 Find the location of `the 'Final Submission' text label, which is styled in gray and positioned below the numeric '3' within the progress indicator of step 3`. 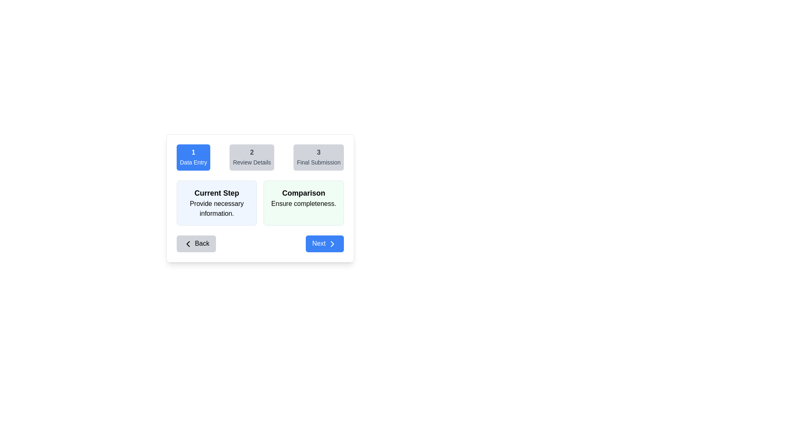

the 'Final Submission' text label, which is styled in gray and positioned below the numeric '3' within the progress indicator of step 3 is located at coordinates (318, 162).